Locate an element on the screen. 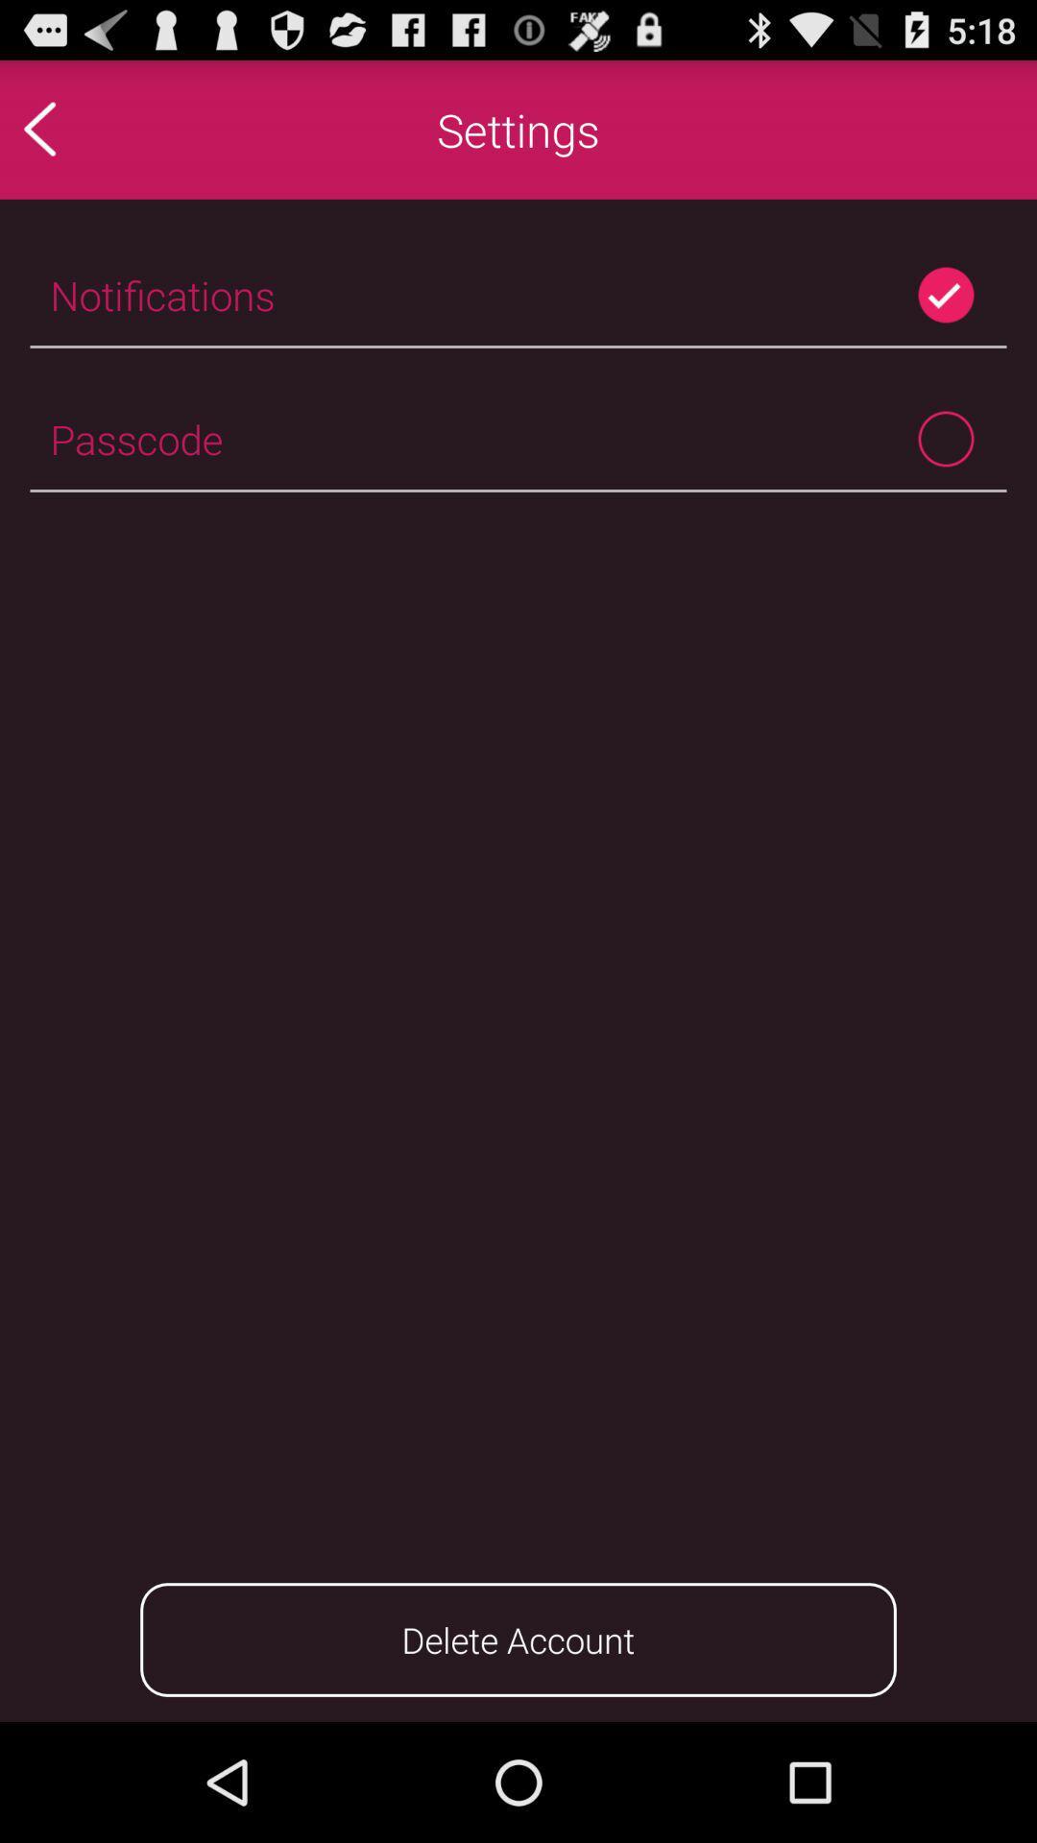 This screenshot has width=1037, height=1843. delete account item is located at coordinates (518, 1639).